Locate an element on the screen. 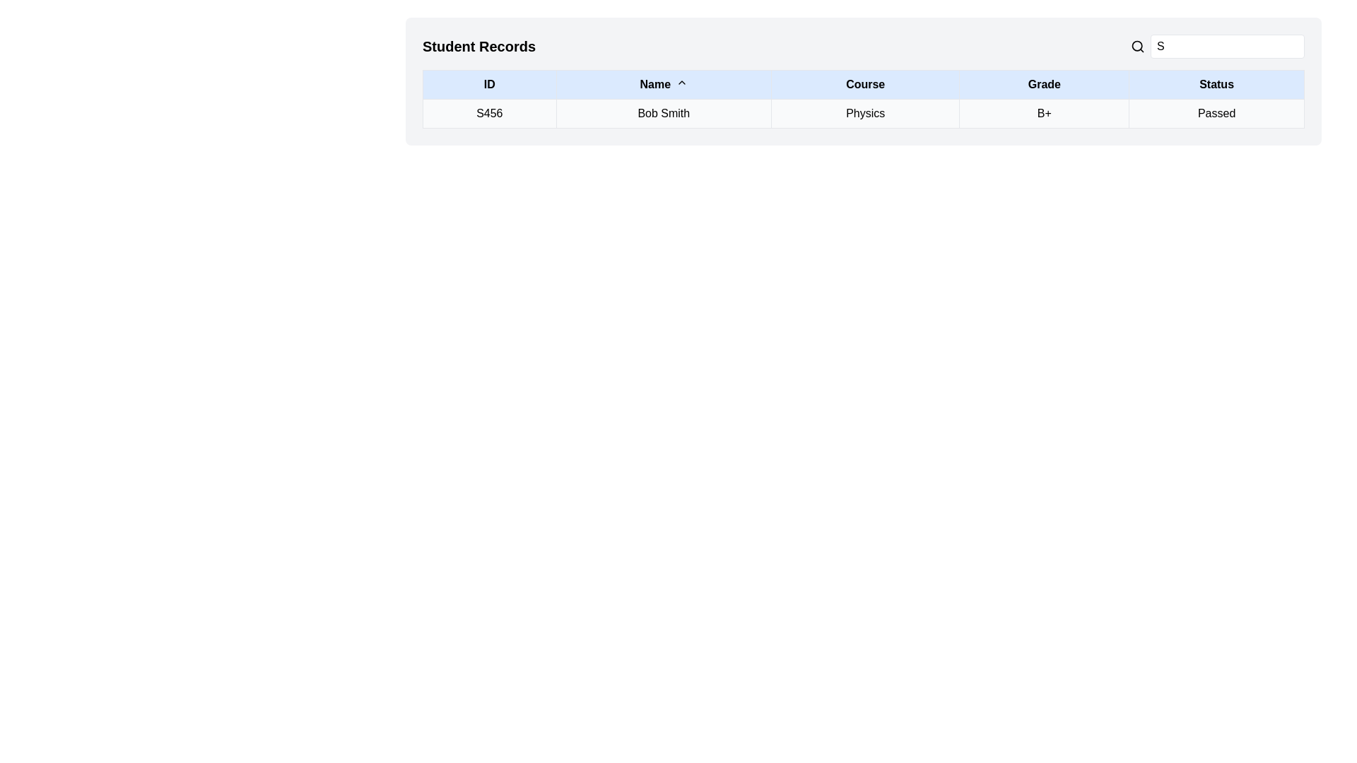 The width and height of the screenshot is (1357, 763). the table cell displaying the course name for the student record of 'Bob Smith' in the 'Student Records' table, located in the third cell of the 'Course' column is located at coordinates (864, 113).